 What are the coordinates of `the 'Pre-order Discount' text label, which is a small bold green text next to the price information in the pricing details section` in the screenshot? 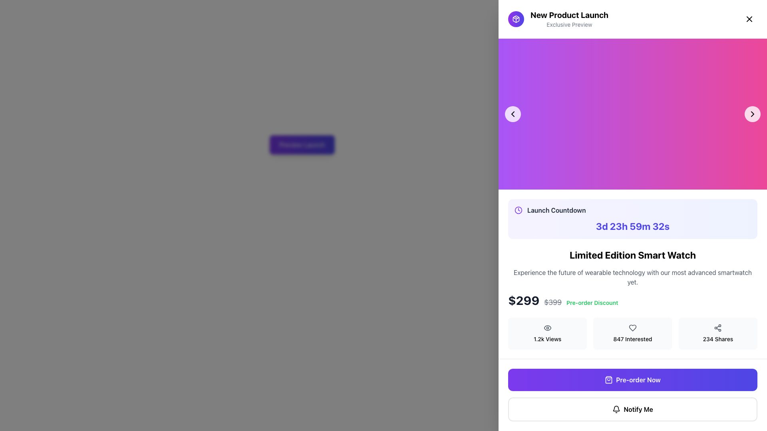 It's located at (592, 303).